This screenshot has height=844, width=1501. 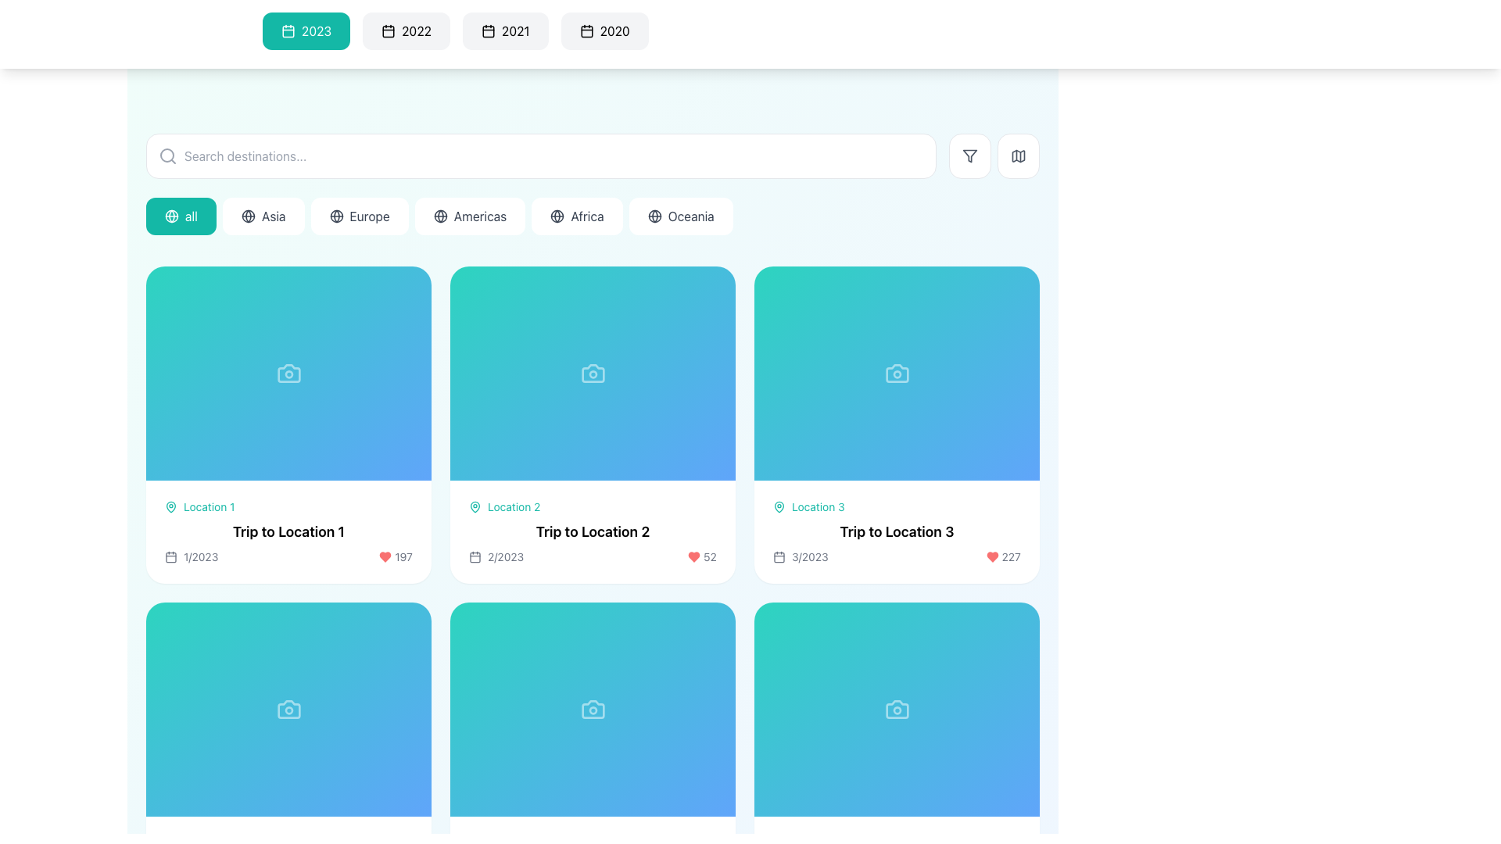 I want to click on the camera icon, which is an SVG element located in the sixth card of a grid layout, positioned centrally within the card, so click(x=897, y=709).